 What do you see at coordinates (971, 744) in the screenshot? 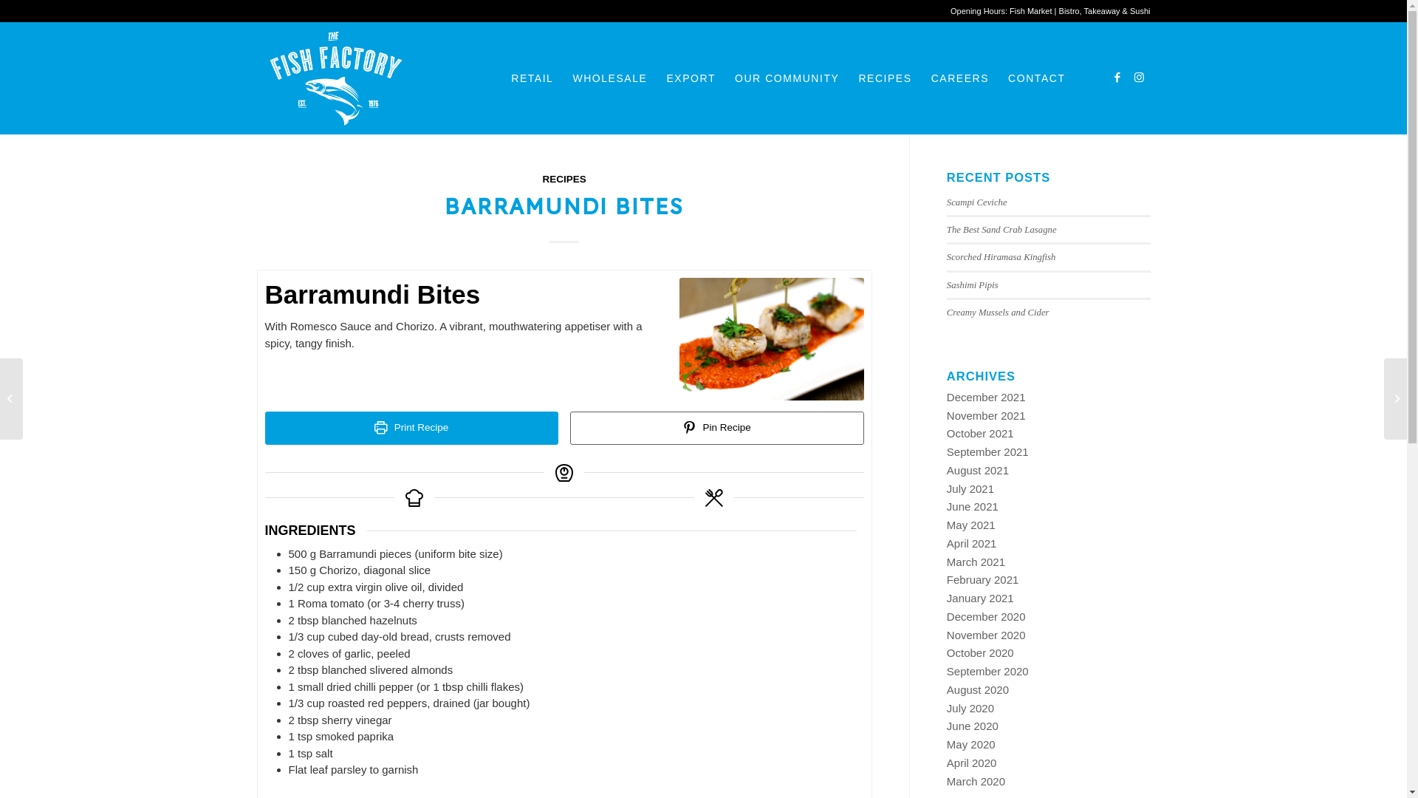
I see `'May 2020'` at bounding box center [971, 744].